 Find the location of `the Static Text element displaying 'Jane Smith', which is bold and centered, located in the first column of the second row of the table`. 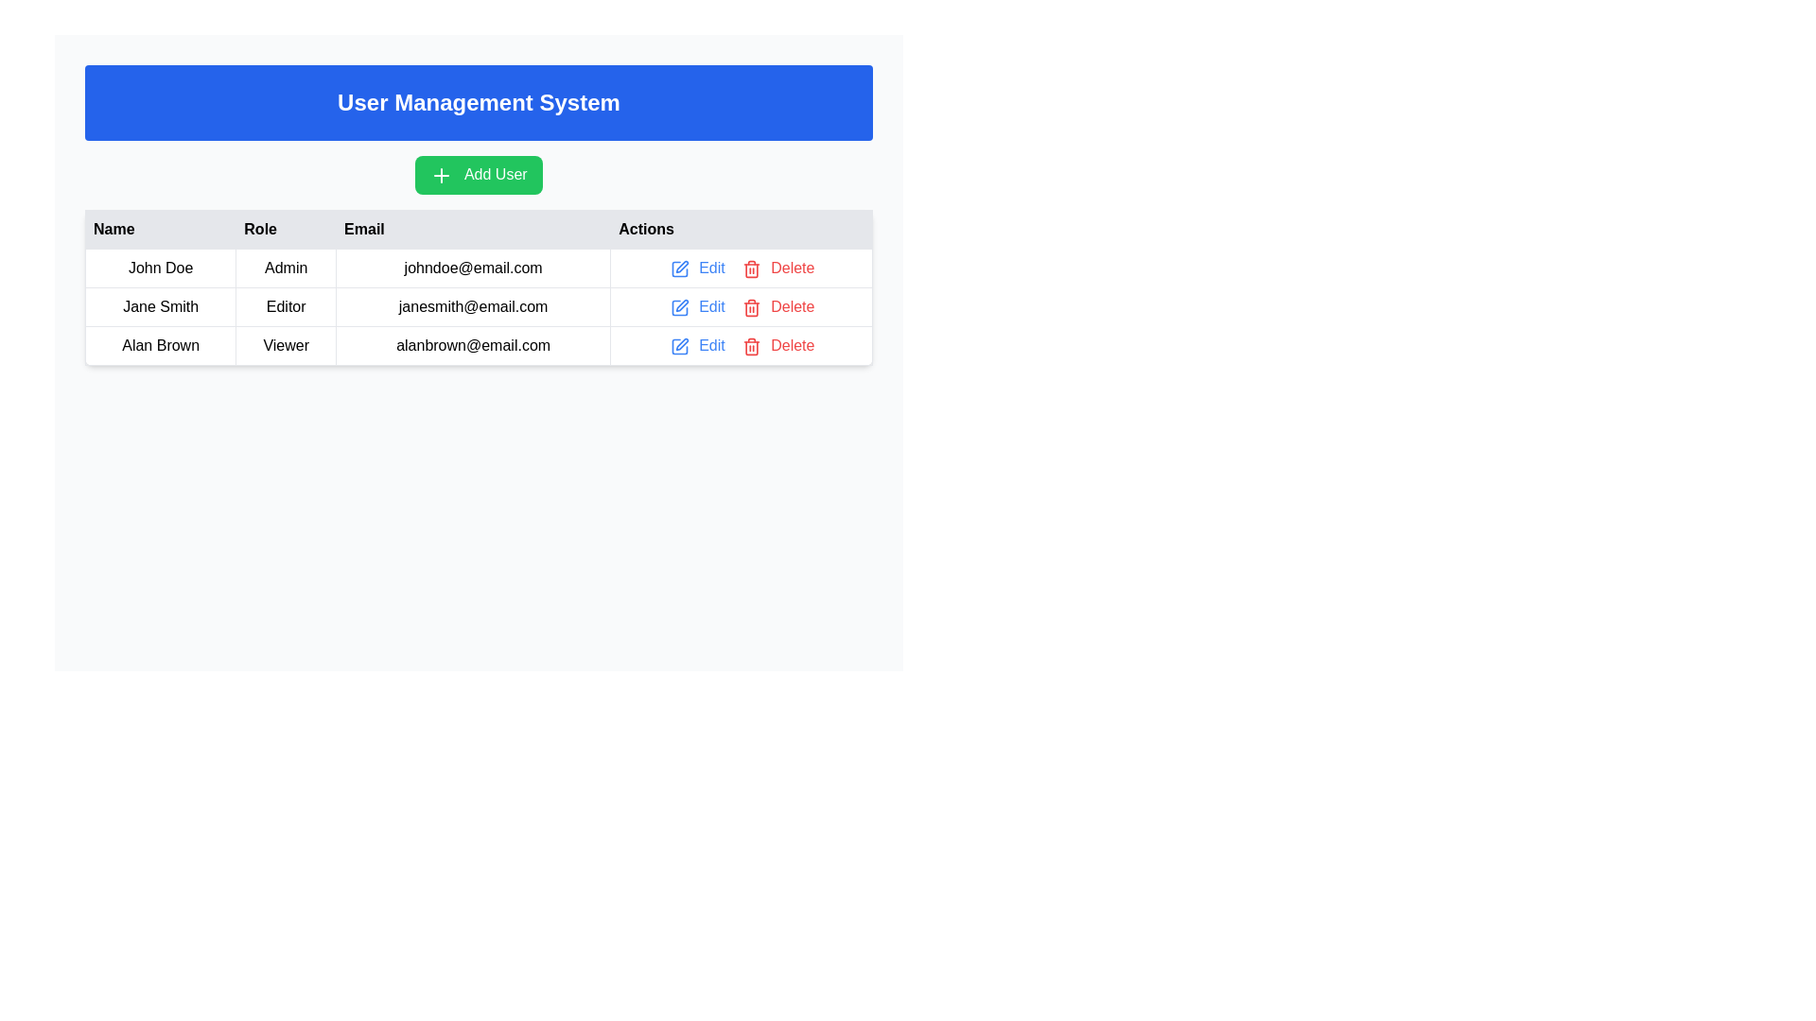

the Static Text element displaying 'Jane Smith', which is bold and centered, located in the first column of the second row of the table is located at coordinates (161, 305).